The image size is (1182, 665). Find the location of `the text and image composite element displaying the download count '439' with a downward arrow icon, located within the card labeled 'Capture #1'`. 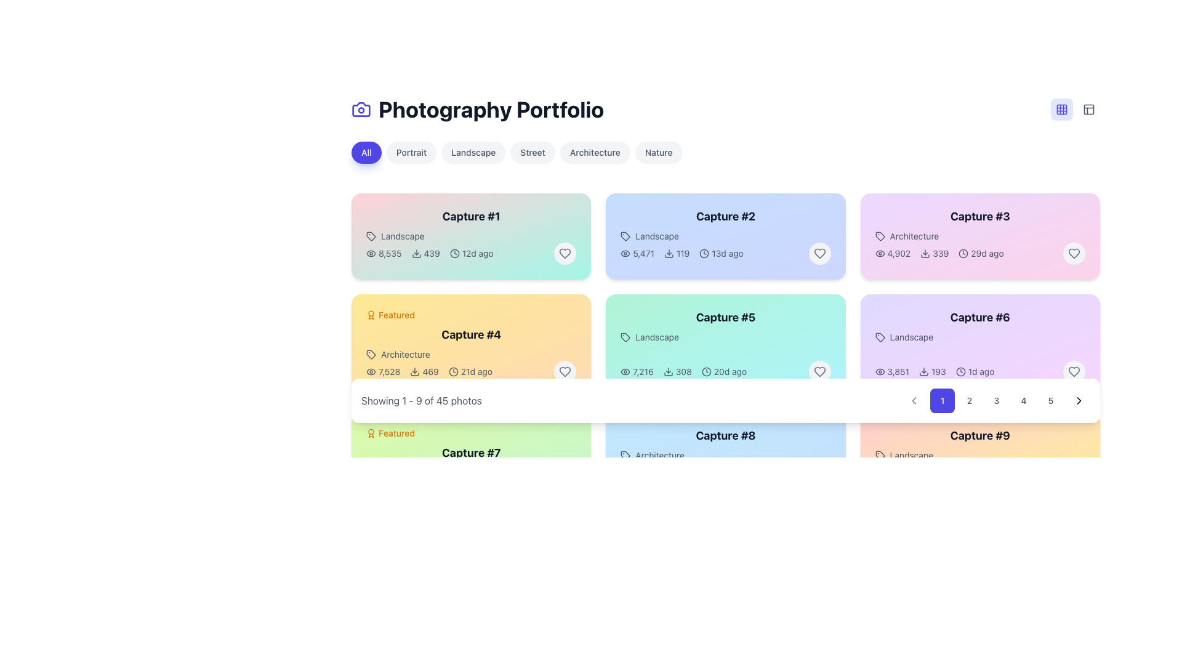

the text and image composite element displaying the download count '439' with a downward arrow icon, located within the card labeled 'Capture #1' is located at coordinates (430, 253).